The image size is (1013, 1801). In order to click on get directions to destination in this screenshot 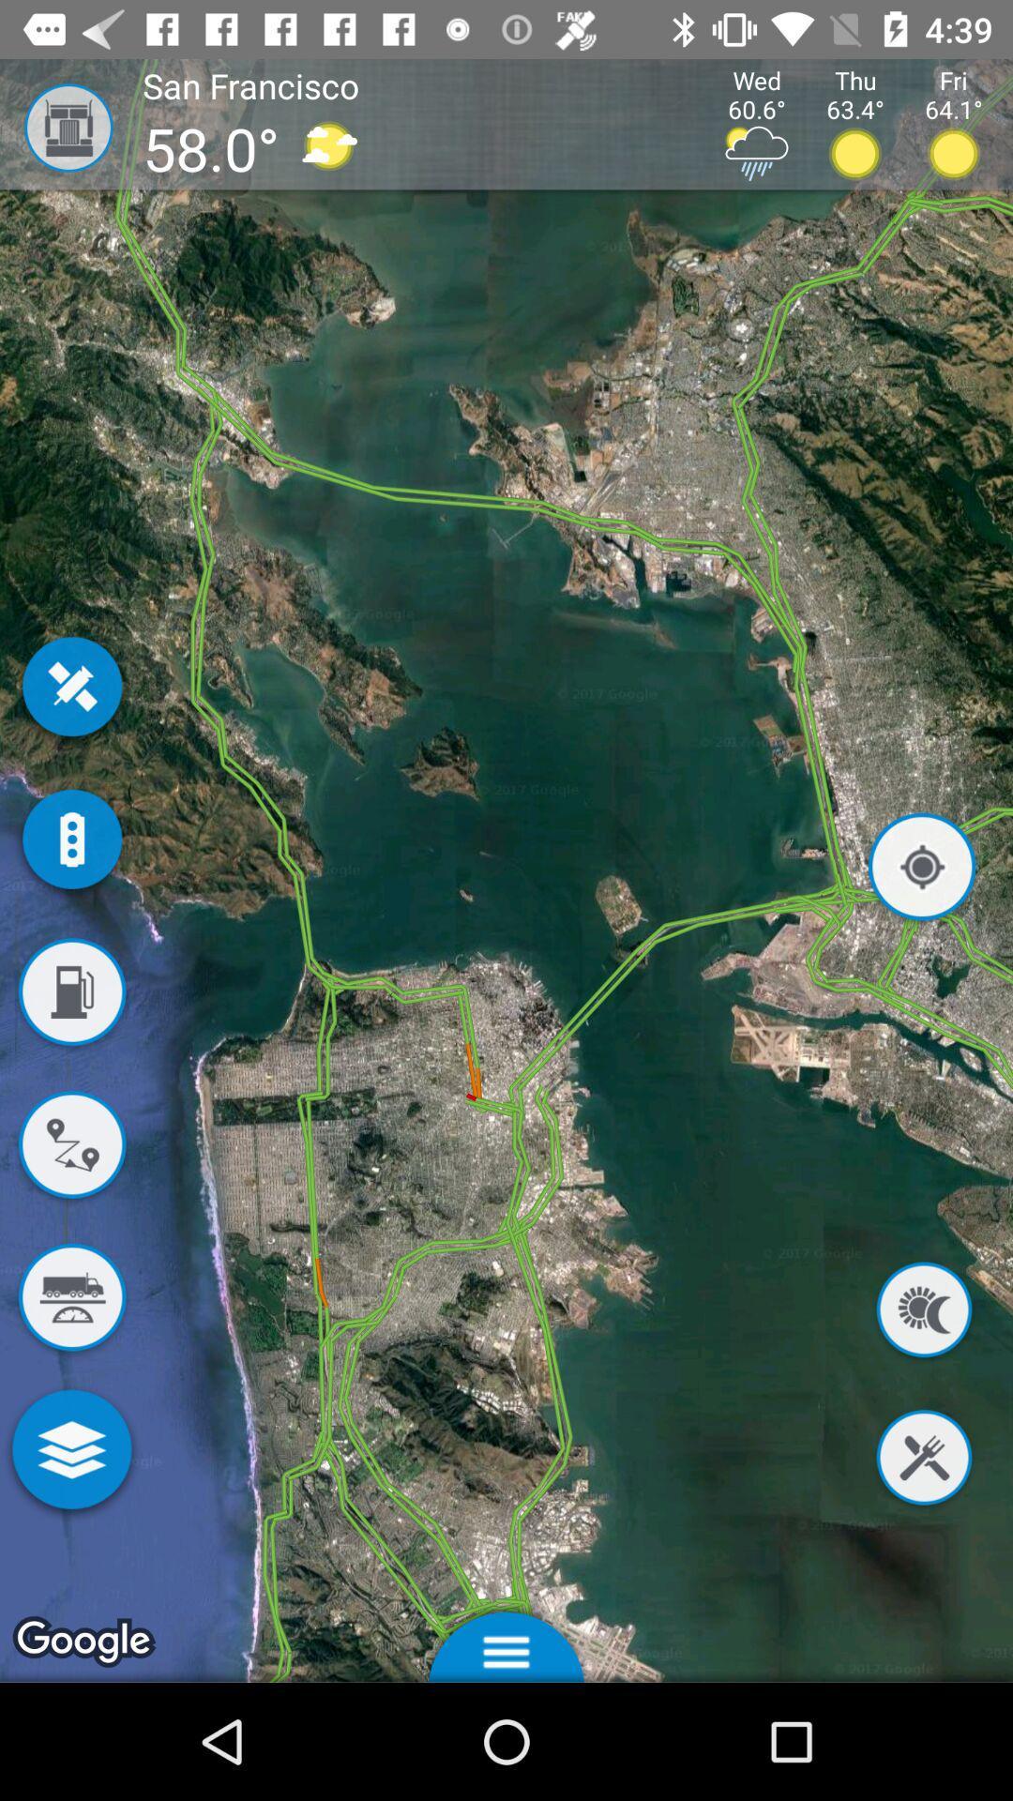, I will do `click(70, 1147)`.